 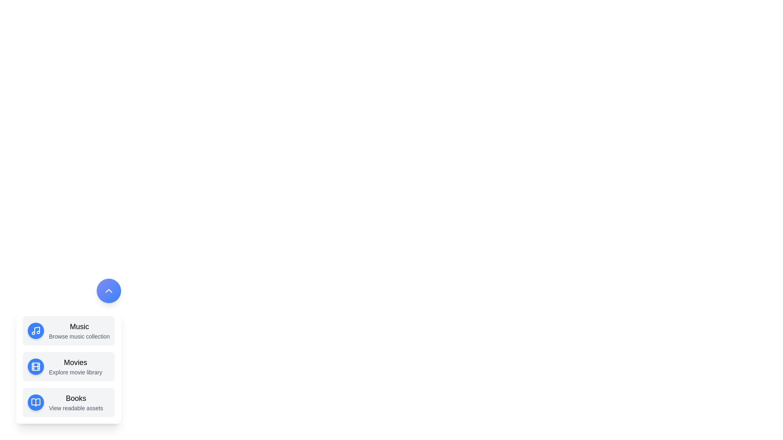 I want to click on the 'Music' option in the EnhancedMediaSelector component, so click(x=69, y=331).